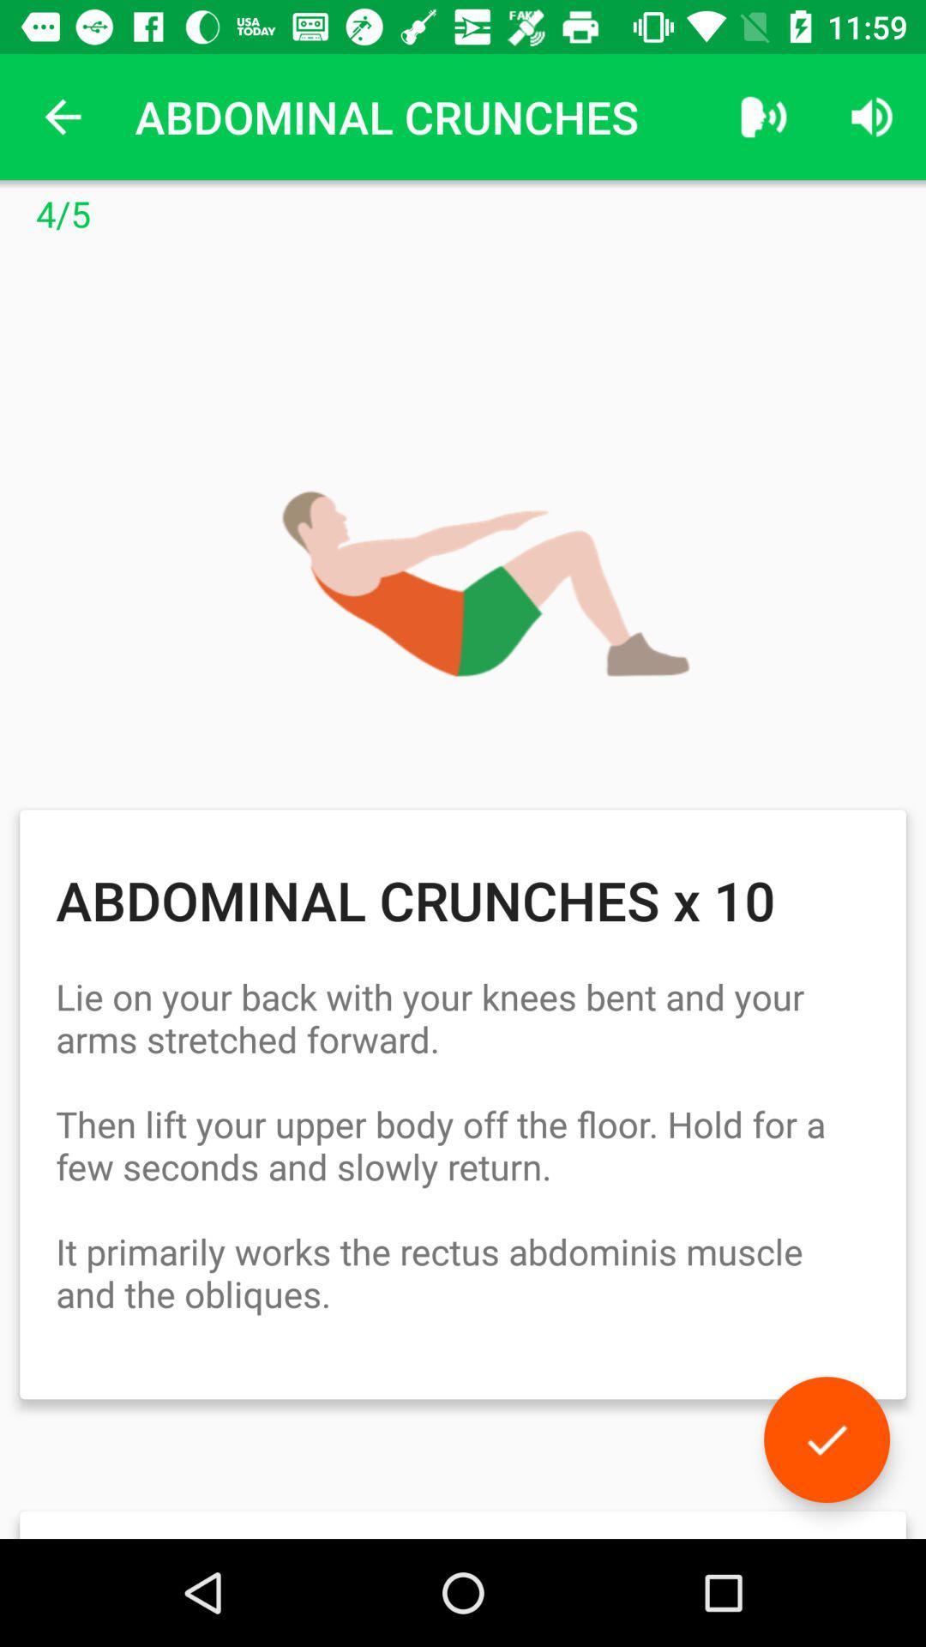 The height and width of the screenshot is (1647, 926). What do you see at coordinates (826, 1439) in the screenshot?
I see `item at the bottom right corner` at bounding box center [826, 1439].